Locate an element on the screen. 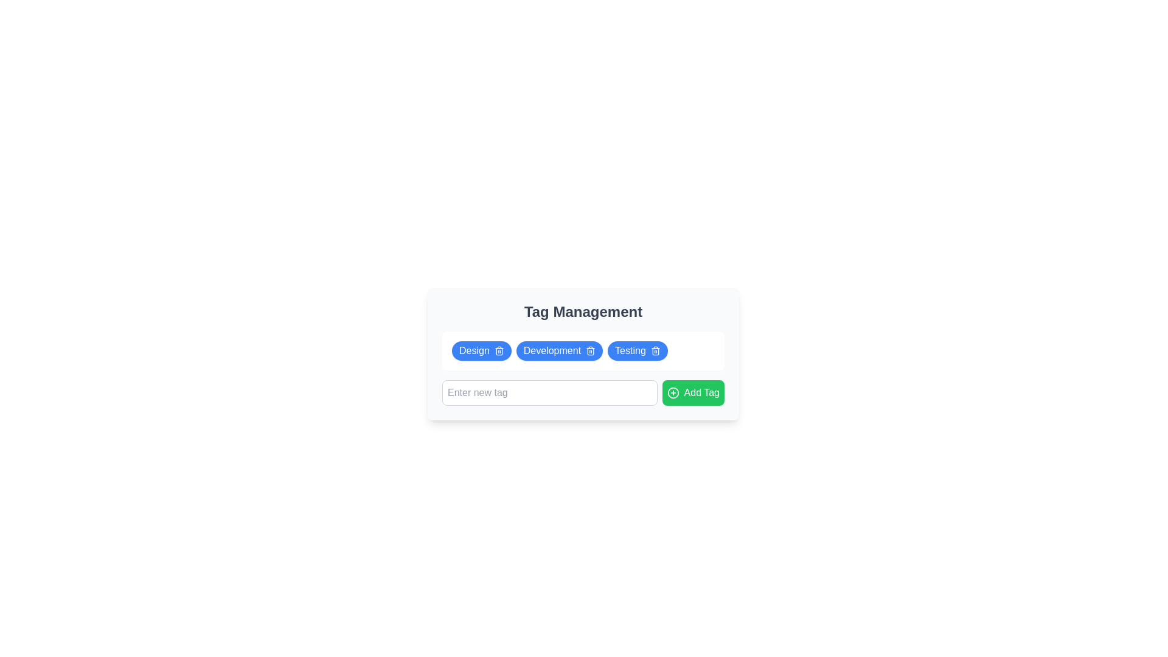  the 'Design' label, which displays white text on a blue rounded rectangle background is located at coordinates (473, 351).